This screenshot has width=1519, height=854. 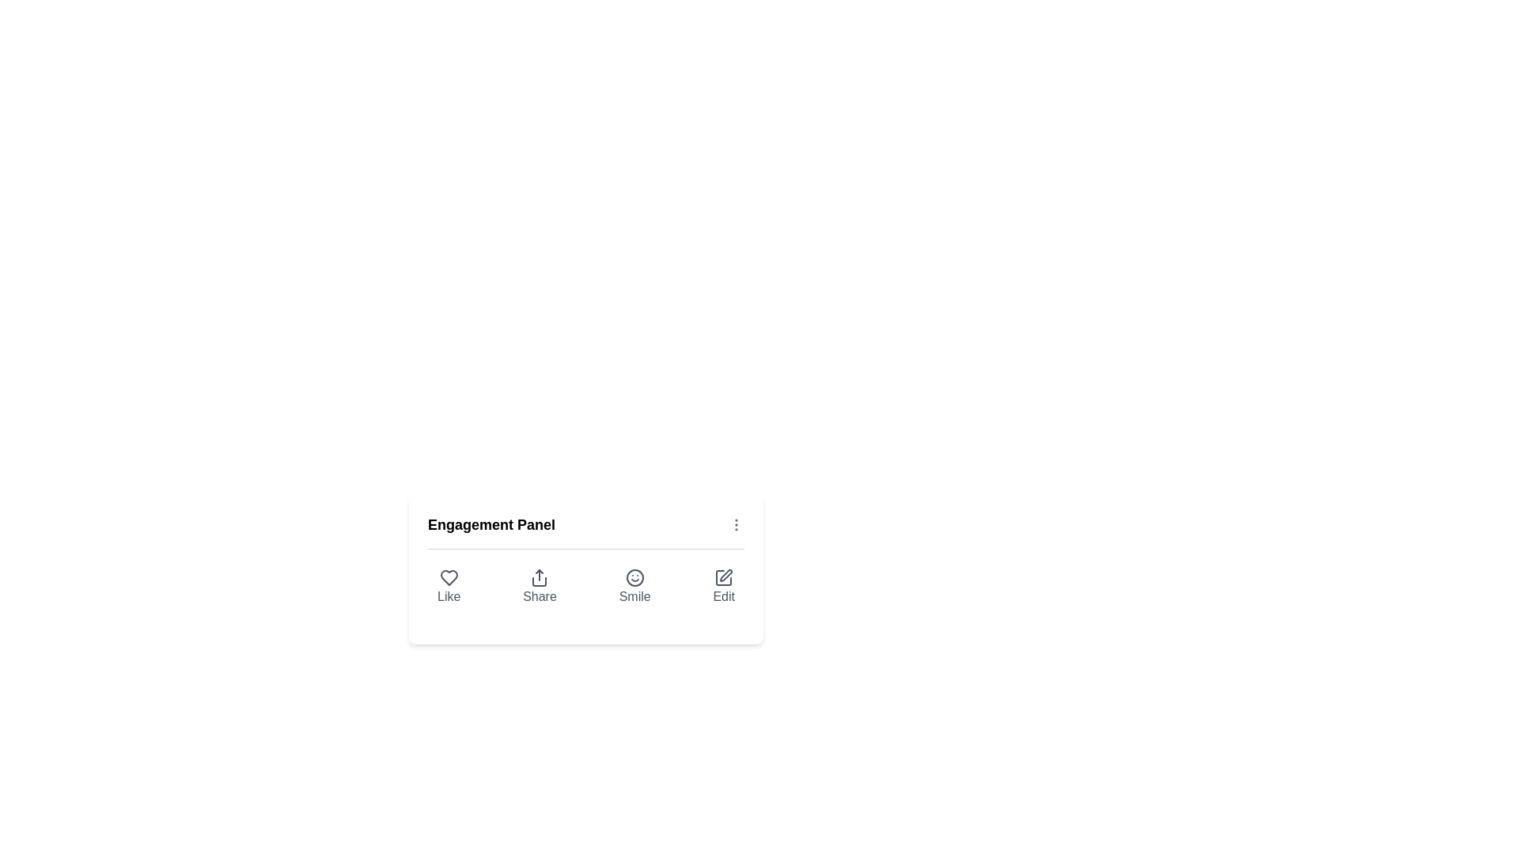 What do you see at coordinates (634, 588) in the screenshot?
I see `the smile reaction button located in the engagement panel, which is the third button from the left, to change its color` at bounding box center [634, 588].